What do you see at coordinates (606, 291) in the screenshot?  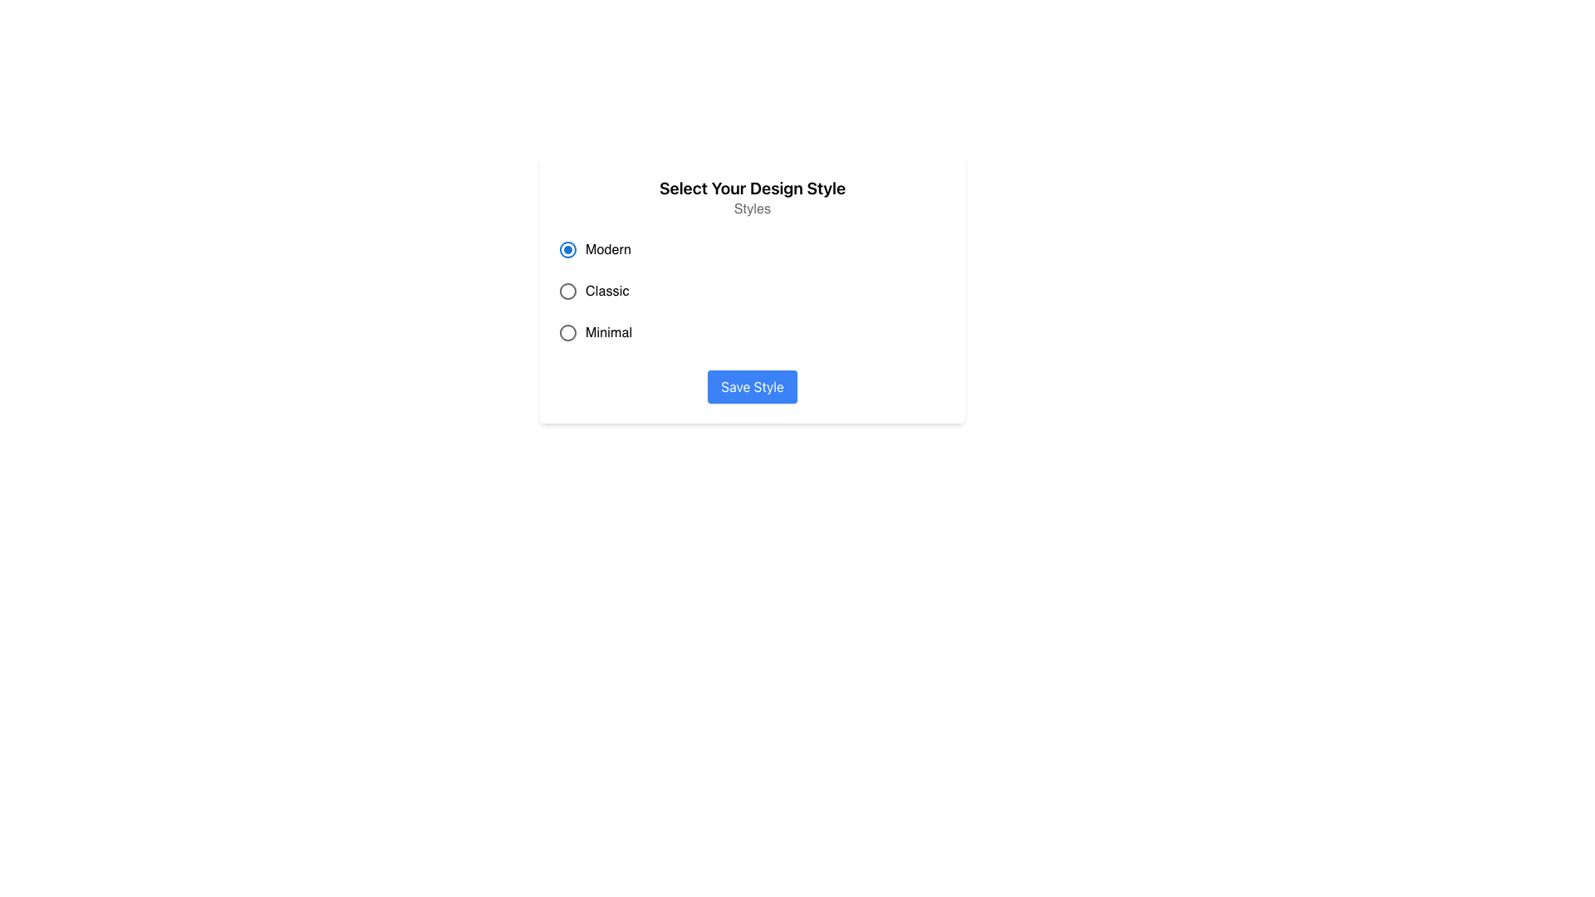 I see `the 'Classic' text label that identifies the associated radio button option for selecting a design style` at bounding box center [606, 291].